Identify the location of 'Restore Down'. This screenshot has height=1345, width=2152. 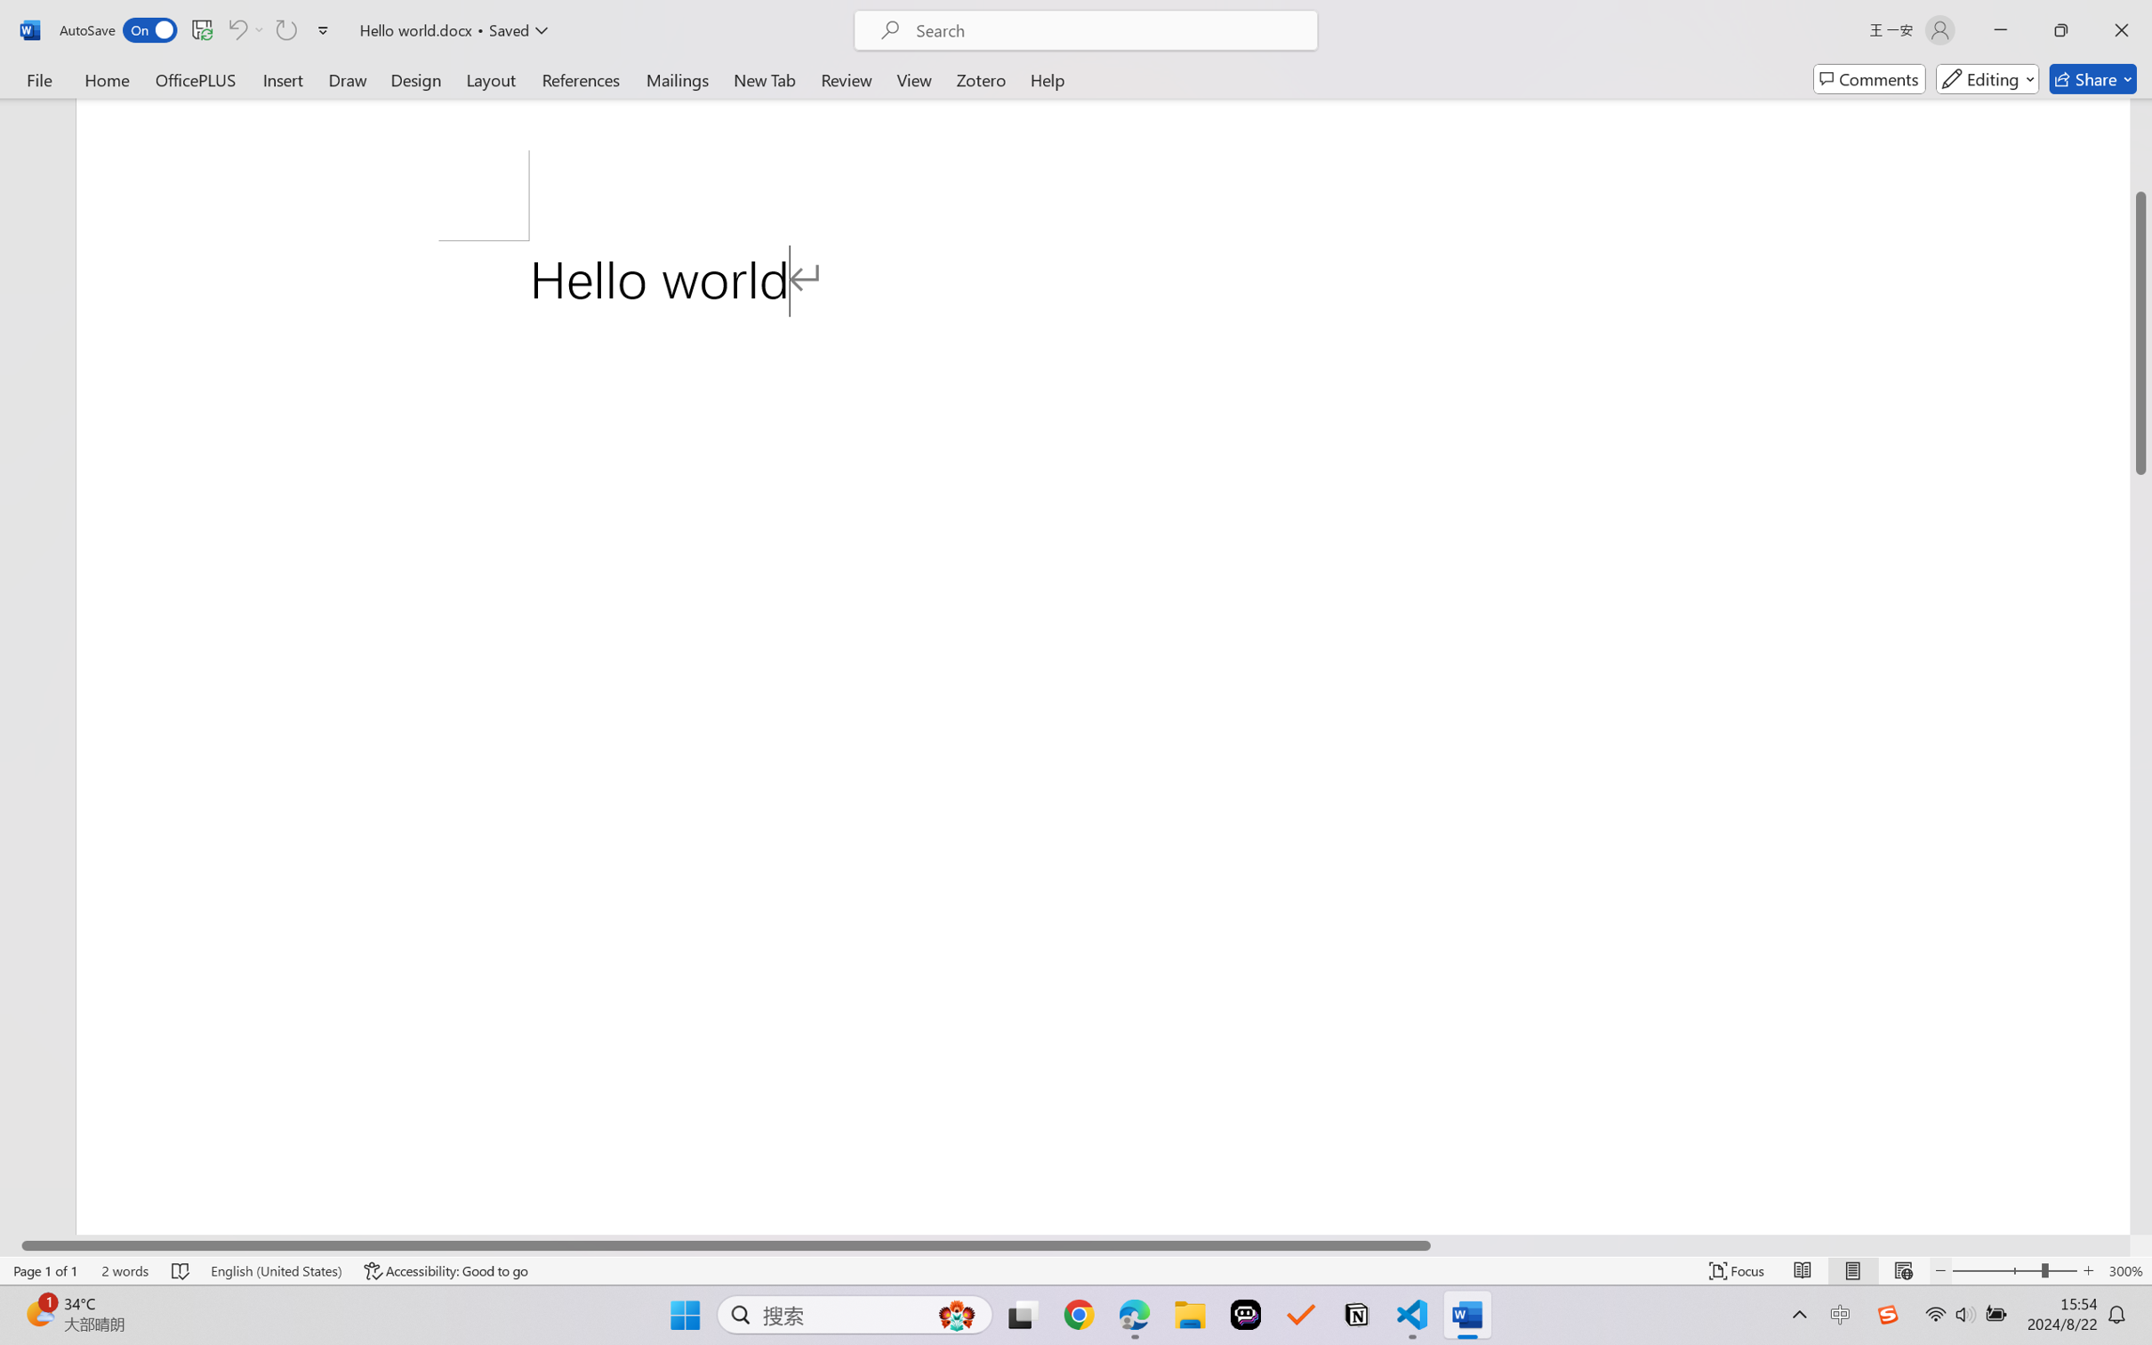
(2061, 29).